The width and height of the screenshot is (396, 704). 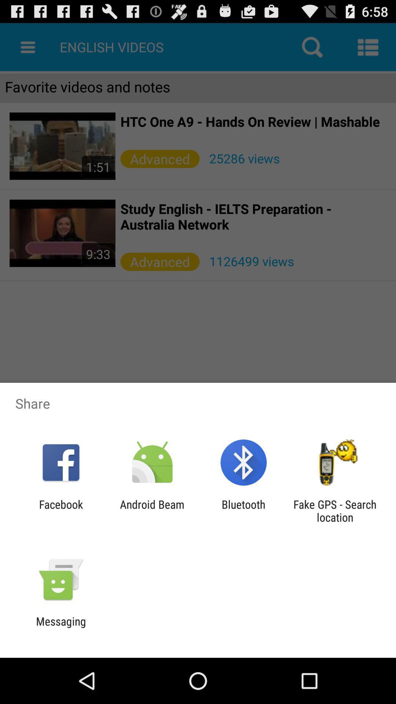 What do you see at coordinates (243, 510) in the screenshot?
I see `app next to the fake gps search item` at bounding box center [243, 510].